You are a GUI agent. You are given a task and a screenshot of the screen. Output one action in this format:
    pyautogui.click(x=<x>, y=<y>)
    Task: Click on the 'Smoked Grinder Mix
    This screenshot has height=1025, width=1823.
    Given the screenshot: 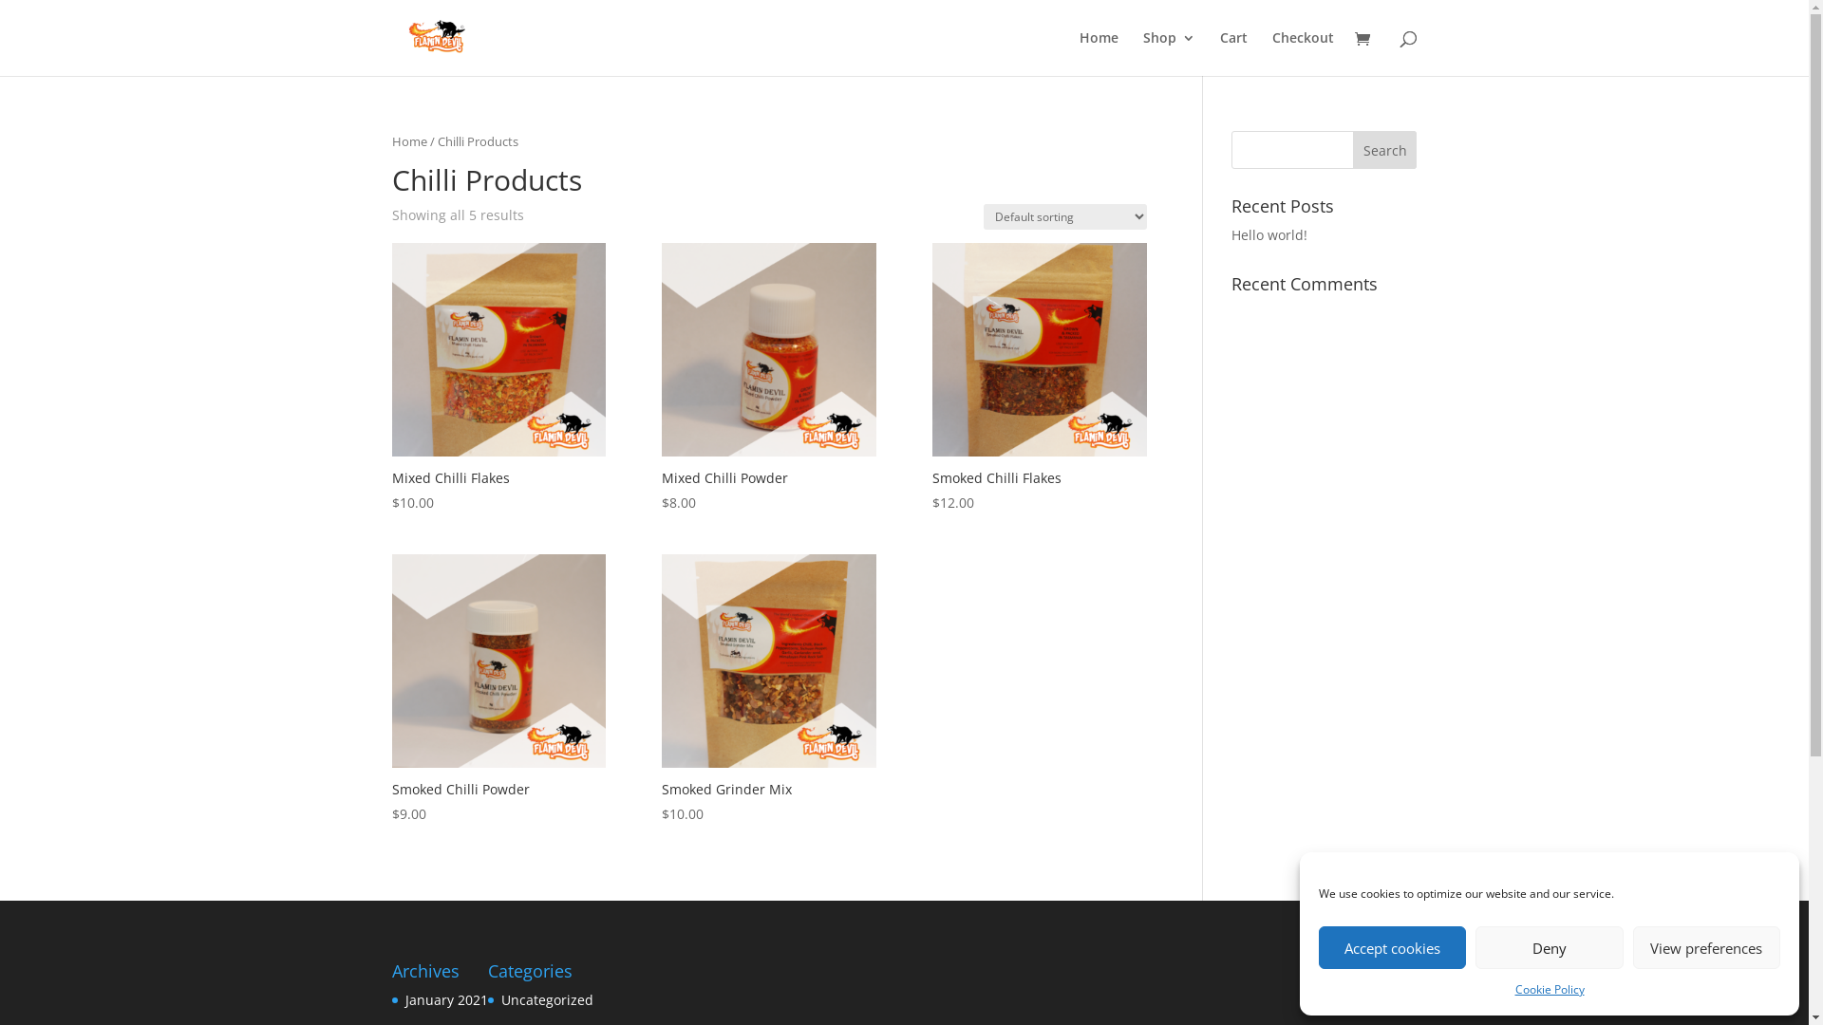 What is the action you would take?
    pyautogui.click(x=768, y=689)
    